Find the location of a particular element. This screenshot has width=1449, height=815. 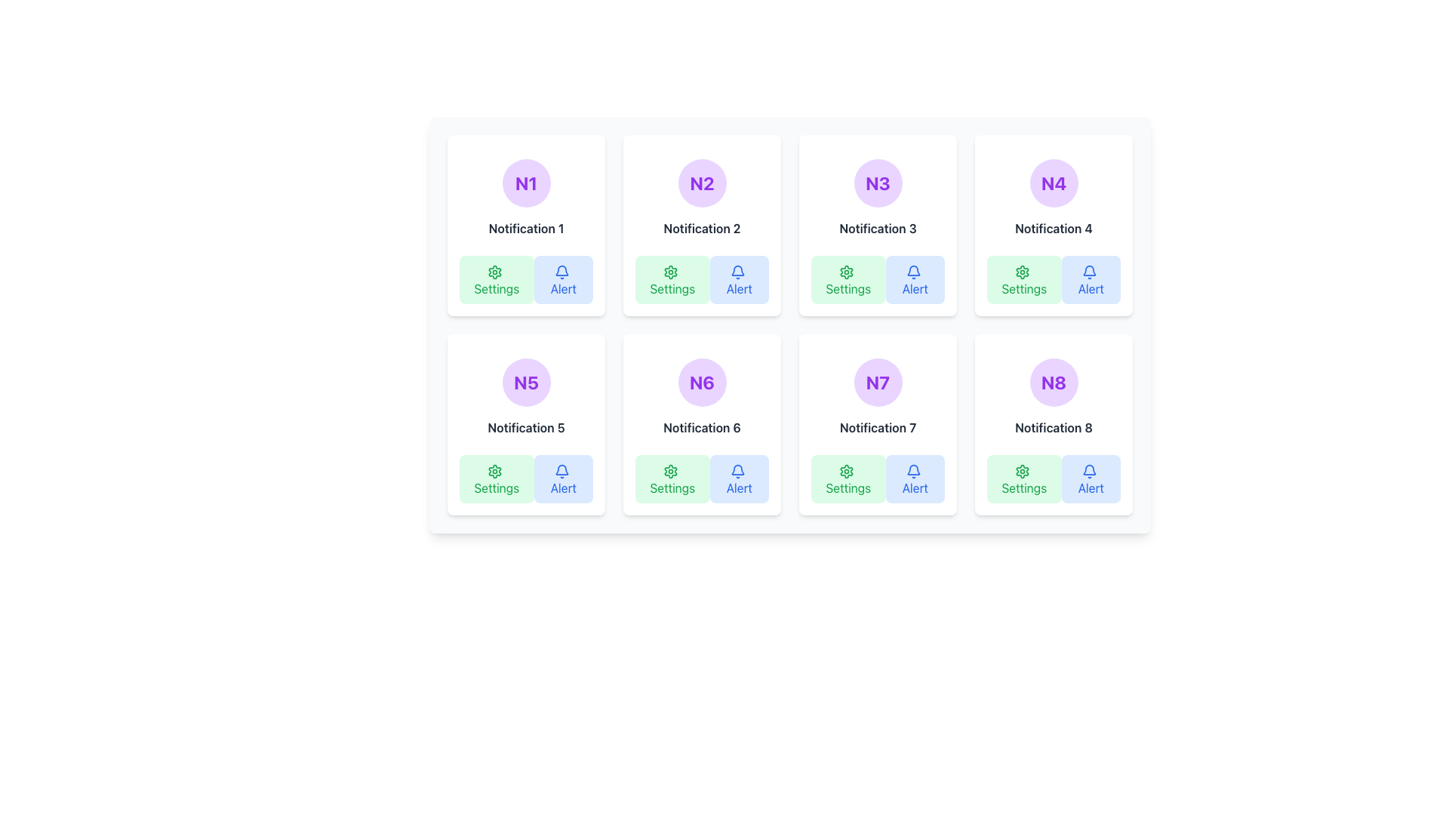

the Text Label for the 'Notification 2' card, positioned at the top-center of the card, which visually identifies the card's purpose is located at coordinates (701, 183).